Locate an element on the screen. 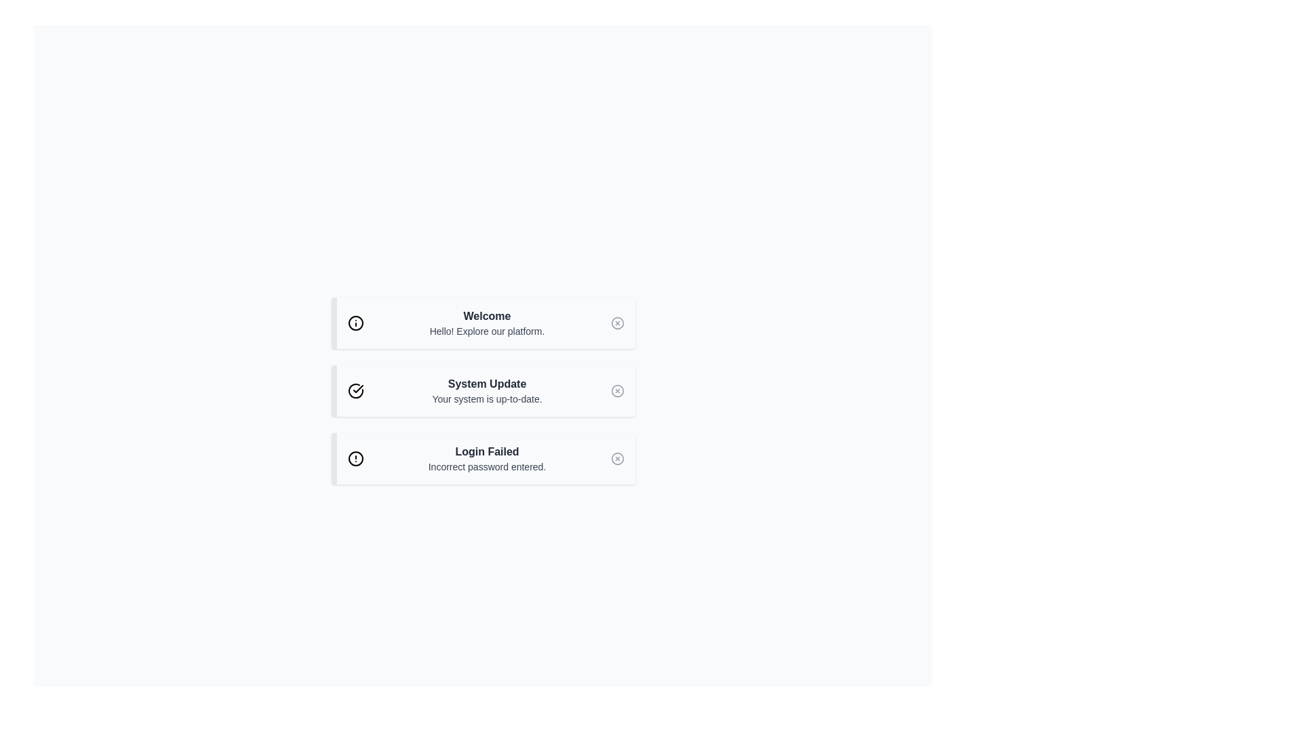 The width and height of the screenshot is (1302, 732). the error message in the informational alert box indicating that the entered password is incorrect by clicking on it is located at coordinates (483, 458).